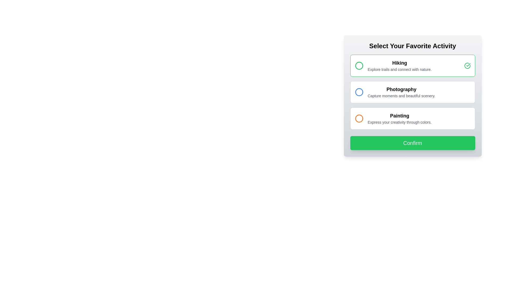 The width and height of the screenshot is (517, 291). I want to click on the check mark icon indicating the active state for the Hiking activity option, located in the green-bordered selection box, so click(467, 65).